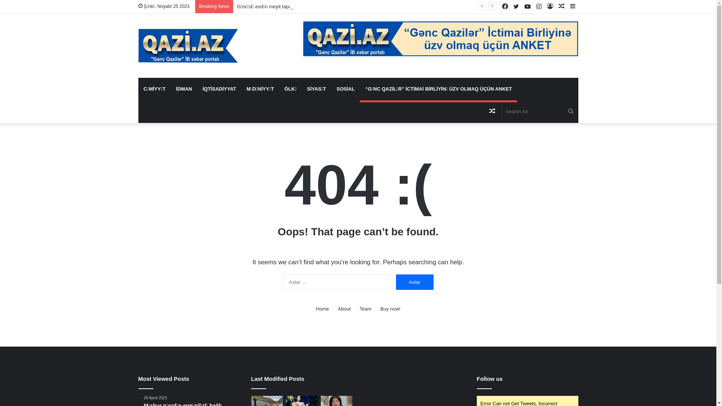 This screenshot has width=722, height=406. I want to click on 'Sidebar', so click(572, 6).